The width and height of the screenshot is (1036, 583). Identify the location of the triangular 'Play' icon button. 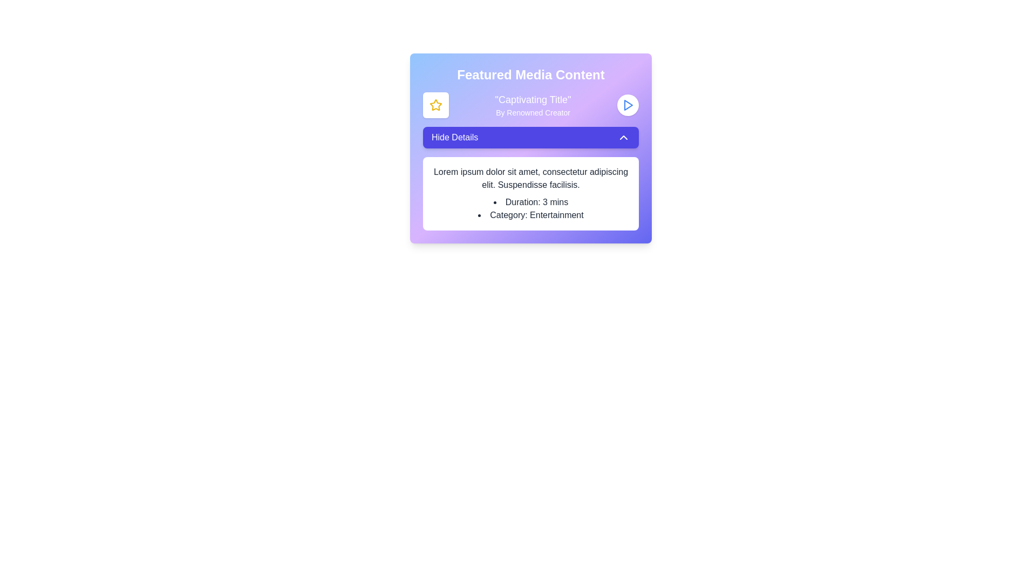
(629, 105).